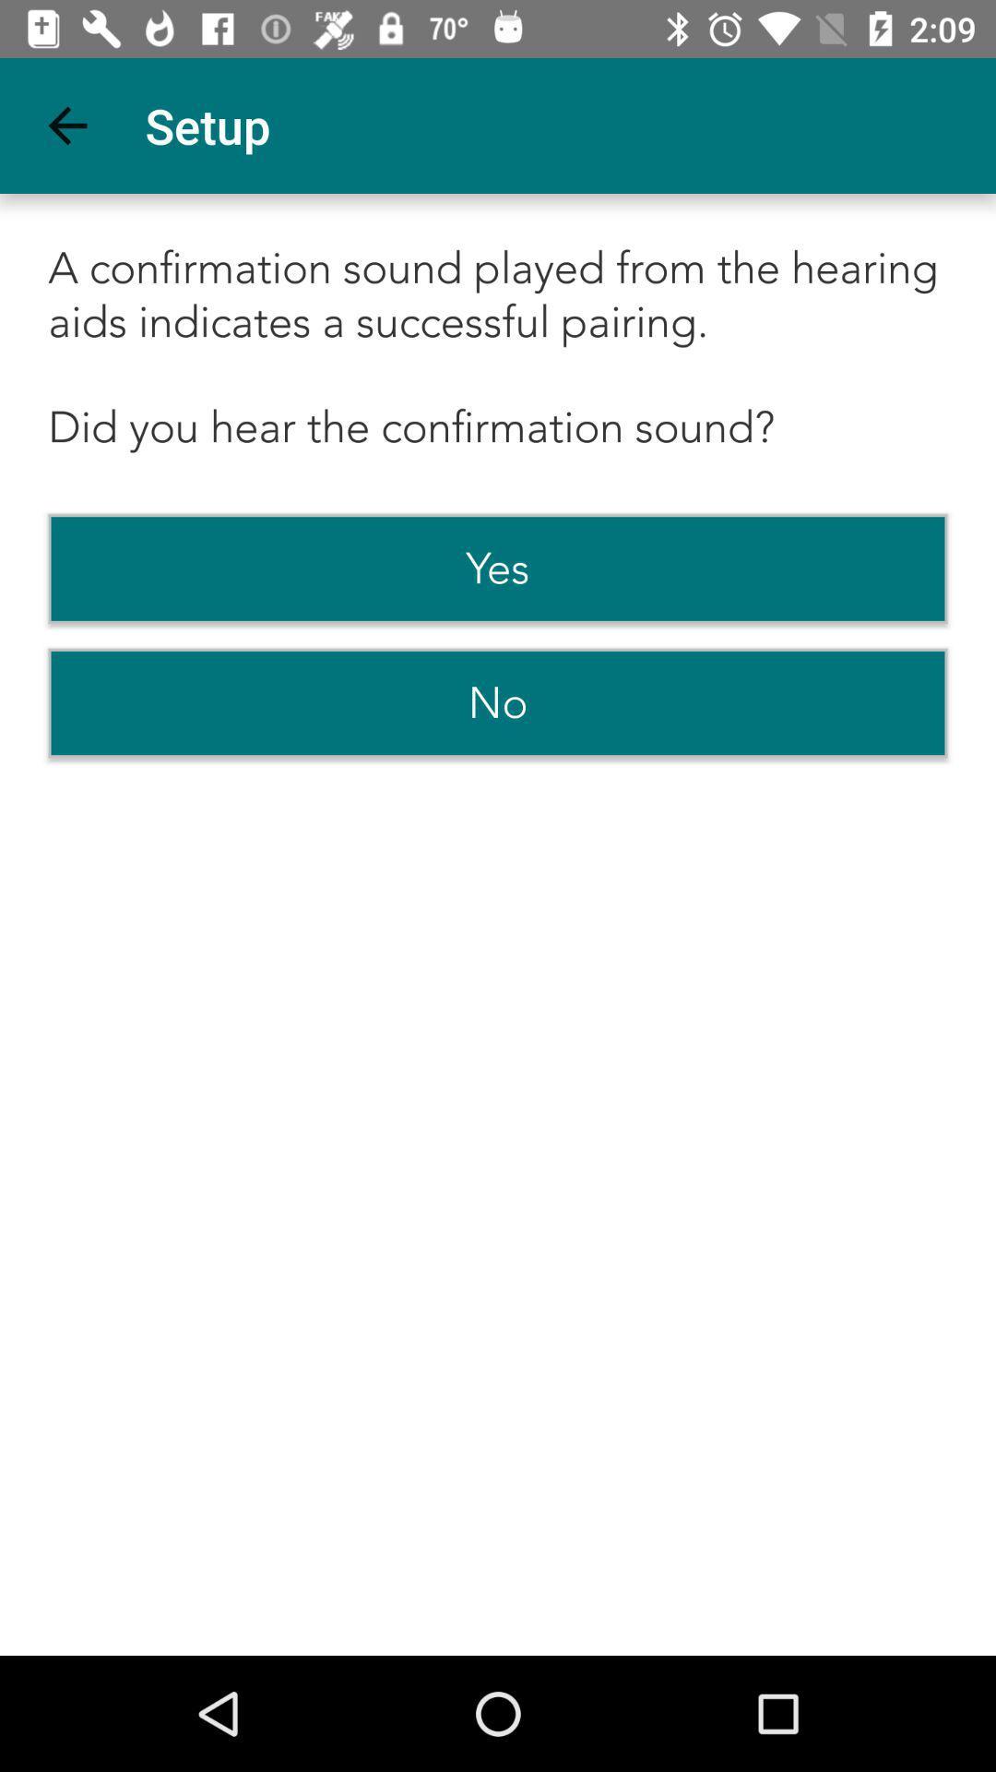 The image size is (996, 1772). I want to click on the item above a confirmation sound item, so click(66, 125).